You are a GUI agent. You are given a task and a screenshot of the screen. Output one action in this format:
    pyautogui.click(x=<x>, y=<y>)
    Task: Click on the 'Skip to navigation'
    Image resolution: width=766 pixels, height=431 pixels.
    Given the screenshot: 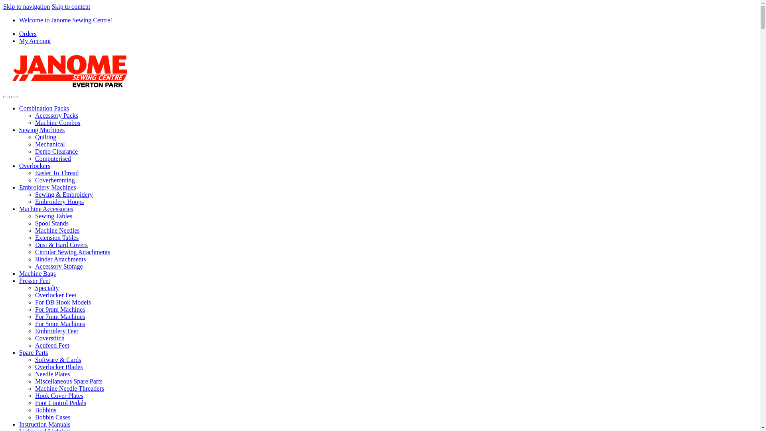 What is the action you would take?
    pyautogui.click(x=26, y=6)
    